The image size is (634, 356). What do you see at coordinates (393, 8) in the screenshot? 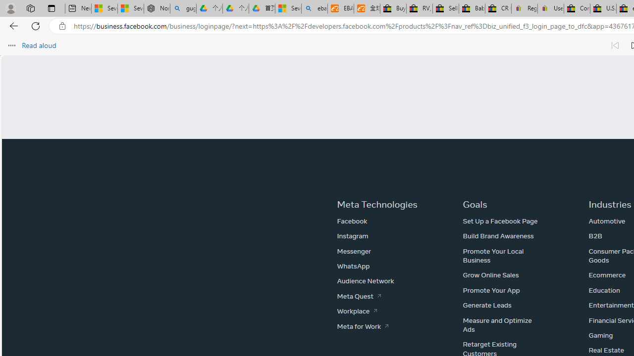
I see `'Buy Auto Parts & Accessories | eBay'` at bounding box center [393, 8].